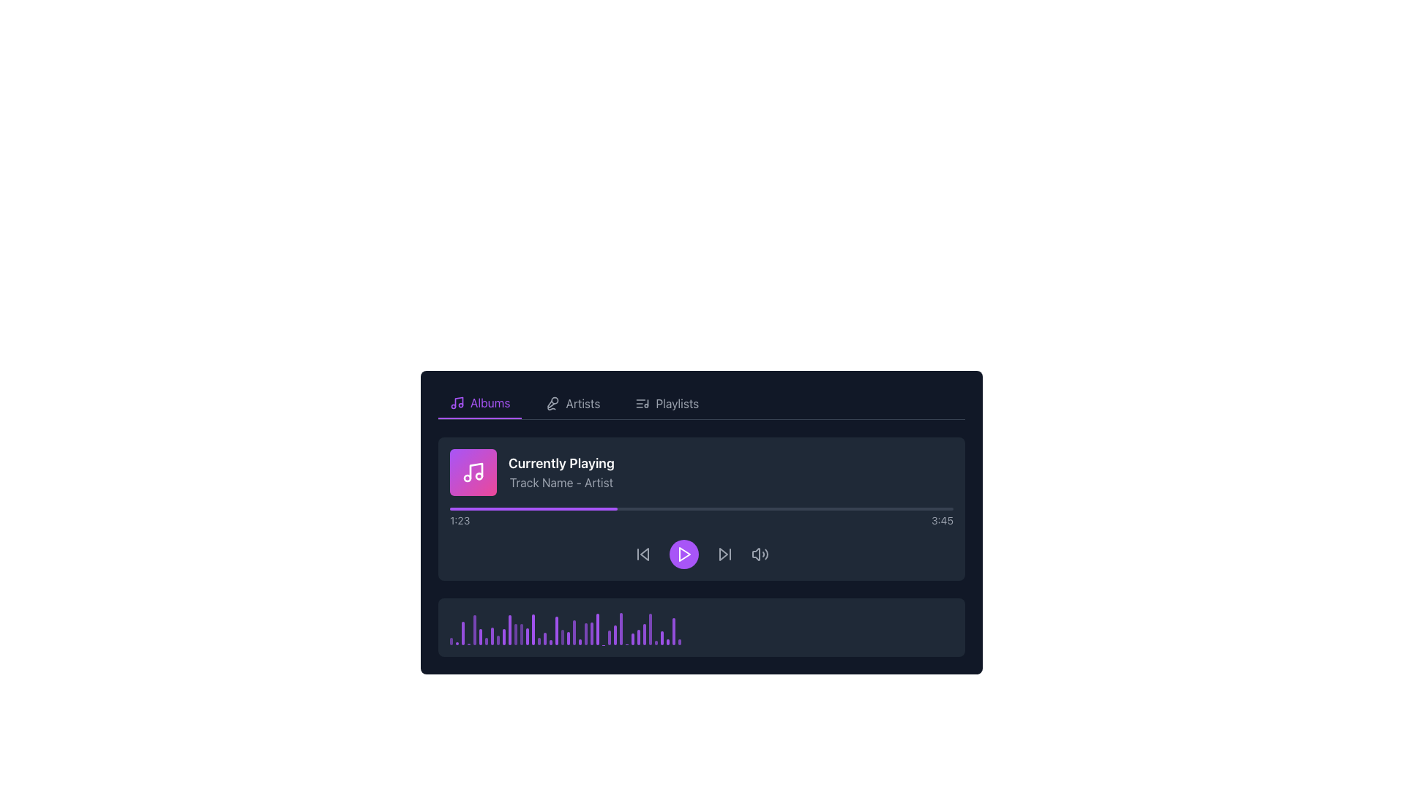 The height and width of the screenshot is (790, 1405). I want to click on the music player interface to control playback, which is centrally located below the tab navigation bar and above the frequency bar display, so click(701, 521).